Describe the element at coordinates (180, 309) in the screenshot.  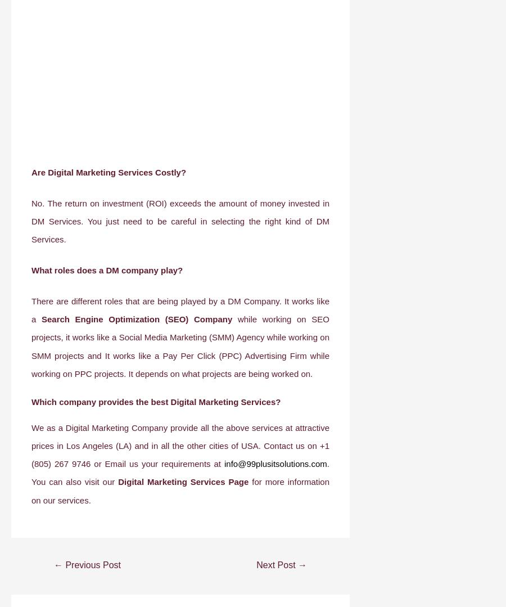
I see `'There are different roles that are being played by a DM Company. It works like a'` at that location.